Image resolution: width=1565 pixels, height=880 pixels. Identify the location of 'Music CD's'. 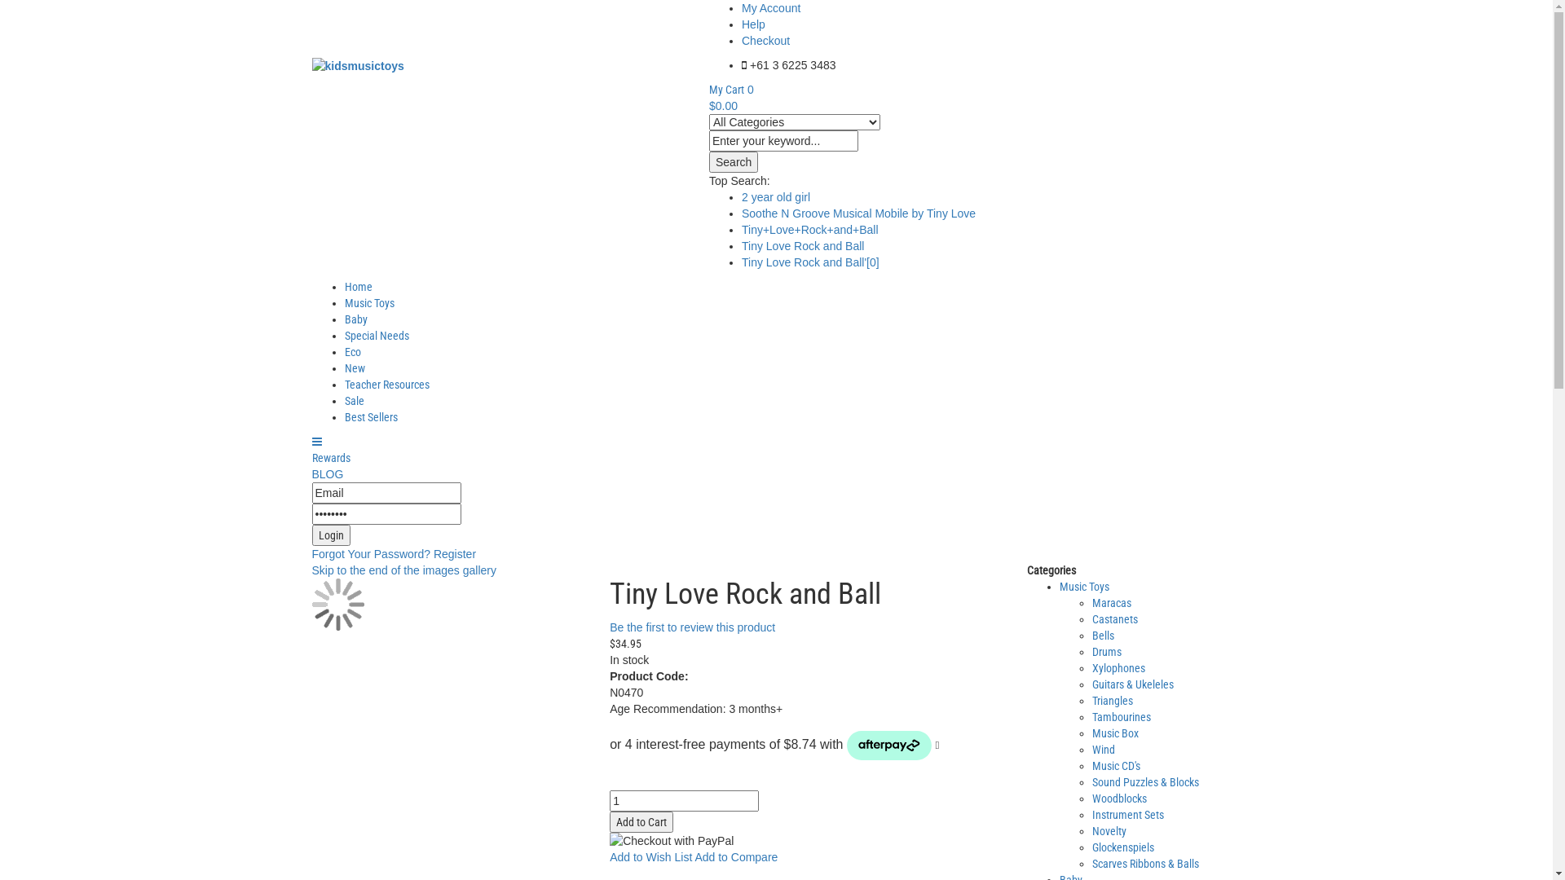
(1115, 766).